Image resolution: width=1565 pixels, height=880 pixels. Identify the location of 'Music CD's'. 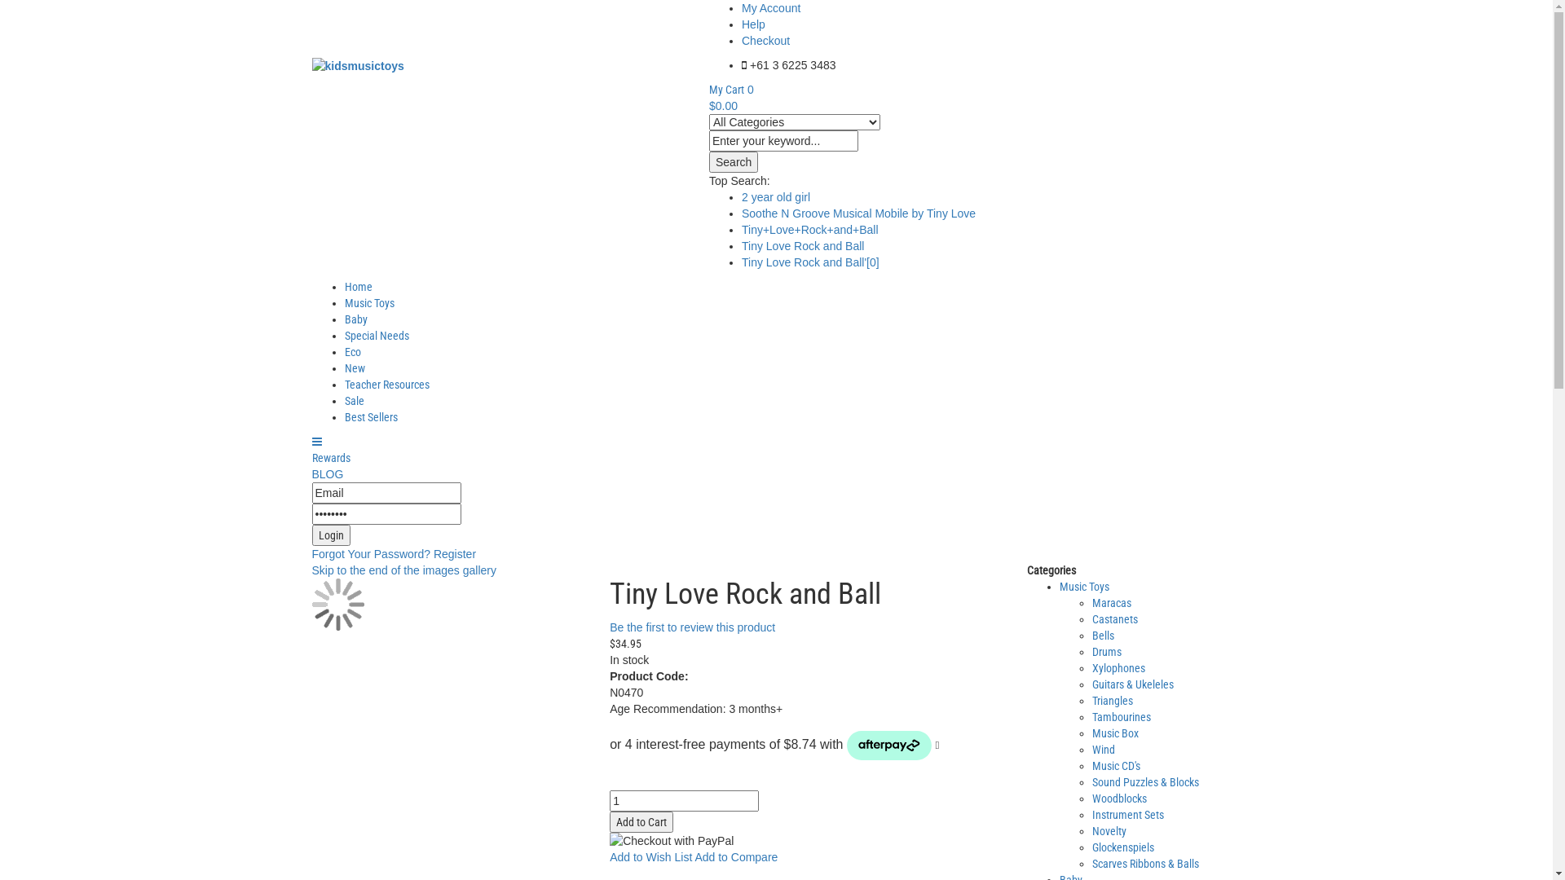
(1115, 766).